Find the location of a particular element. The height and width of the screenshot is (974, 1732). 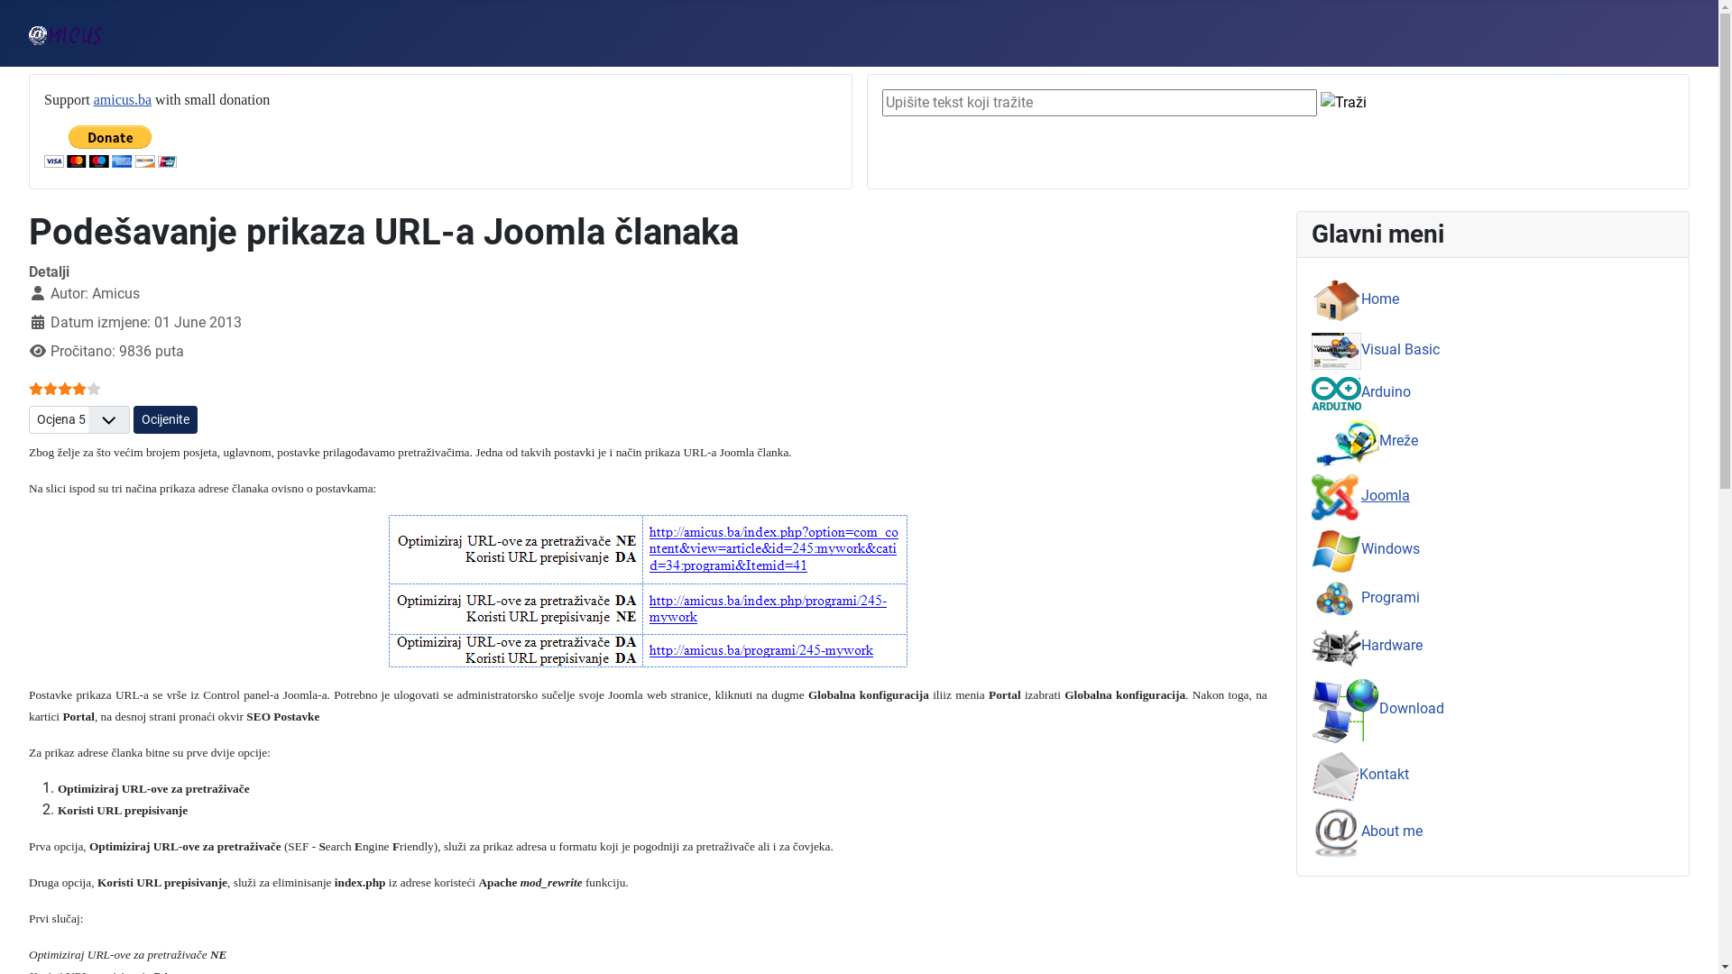

'Joomla' is located at coordinates (1360, 495).